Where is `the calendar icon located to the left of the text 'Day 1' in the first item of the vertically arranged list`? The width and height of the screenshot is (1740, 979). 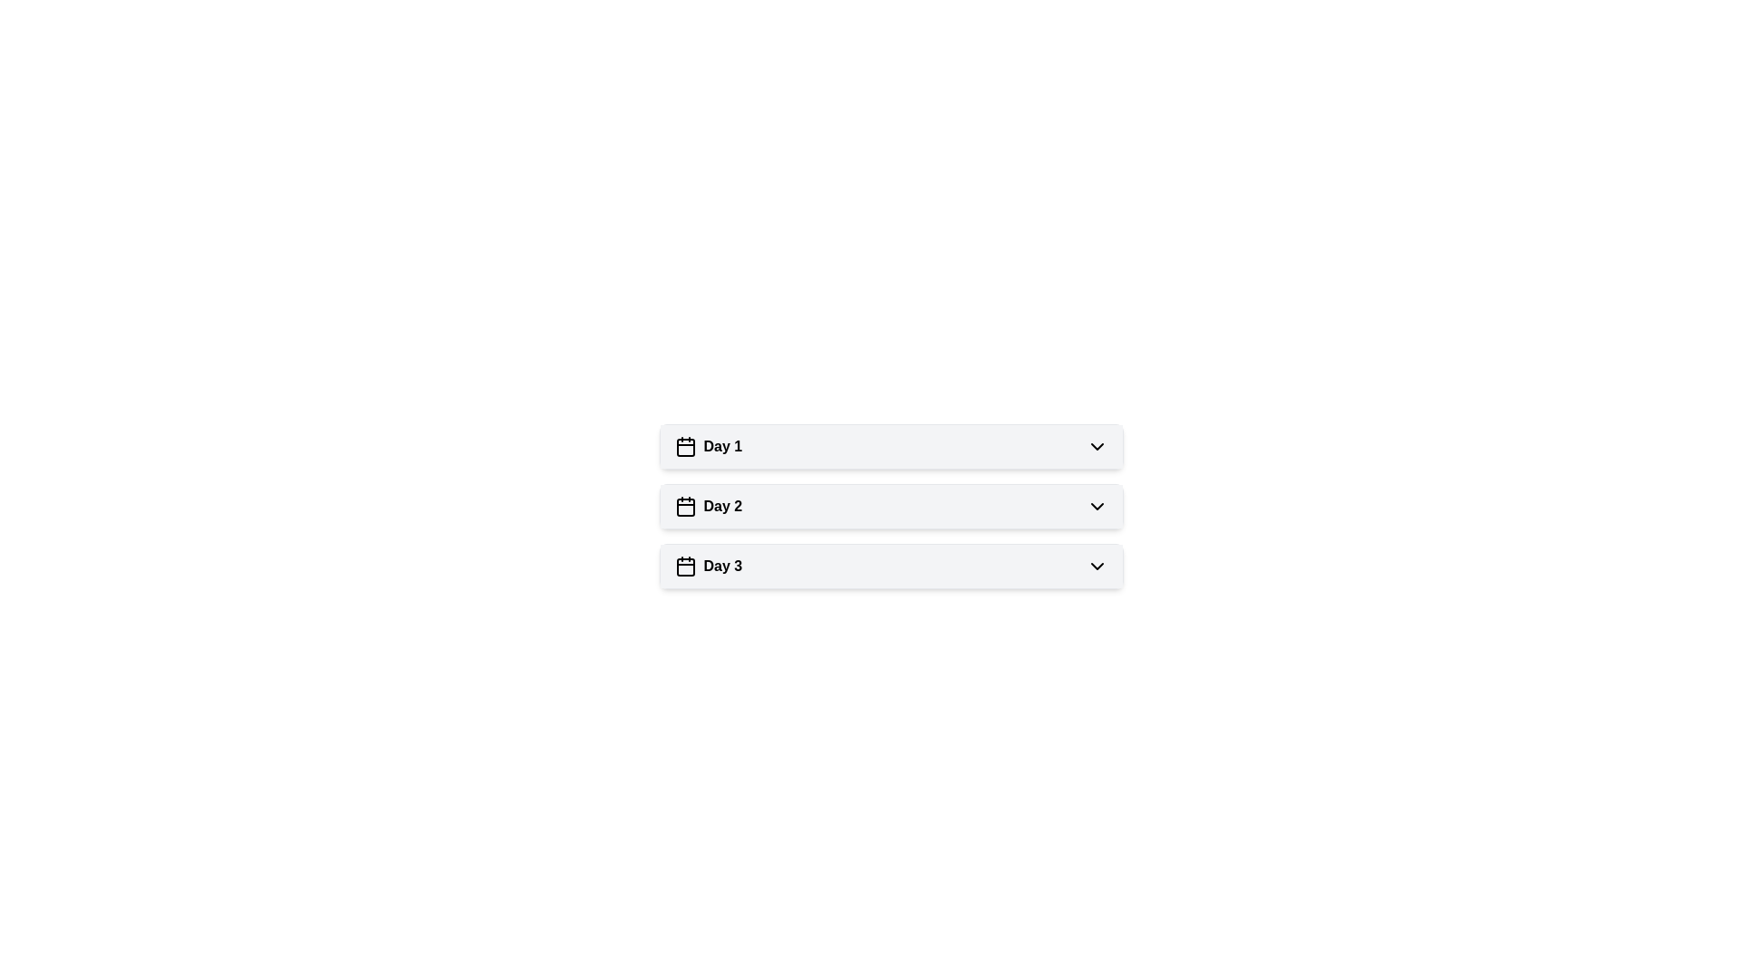 the calendar icon located to the left of the text 'Day 1' in the first item of the vertically arranged list is located at coordinates (684, 447).